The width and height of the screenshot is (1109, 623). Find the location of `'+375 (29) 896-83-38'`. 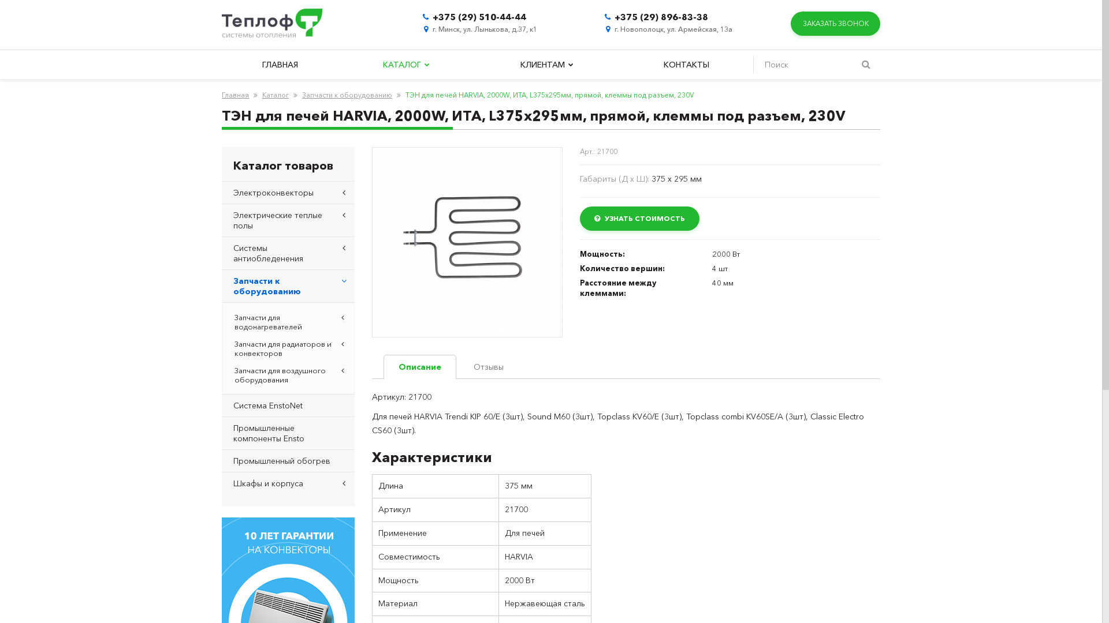

'+375 (29) 896-83-38' is located at coordinates (661, 17).